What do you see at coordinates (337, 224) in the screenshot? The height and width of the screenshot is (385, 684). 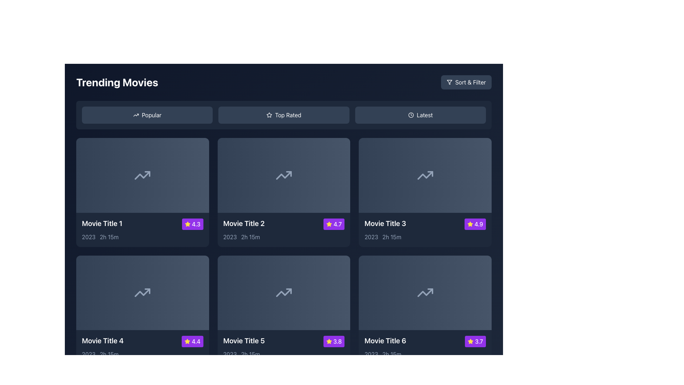 I see `the text label indicating the rating '4.7' for 'Movie Title 2' located in the bottom right corner of the second movie card` at bounding box center [337, 224].